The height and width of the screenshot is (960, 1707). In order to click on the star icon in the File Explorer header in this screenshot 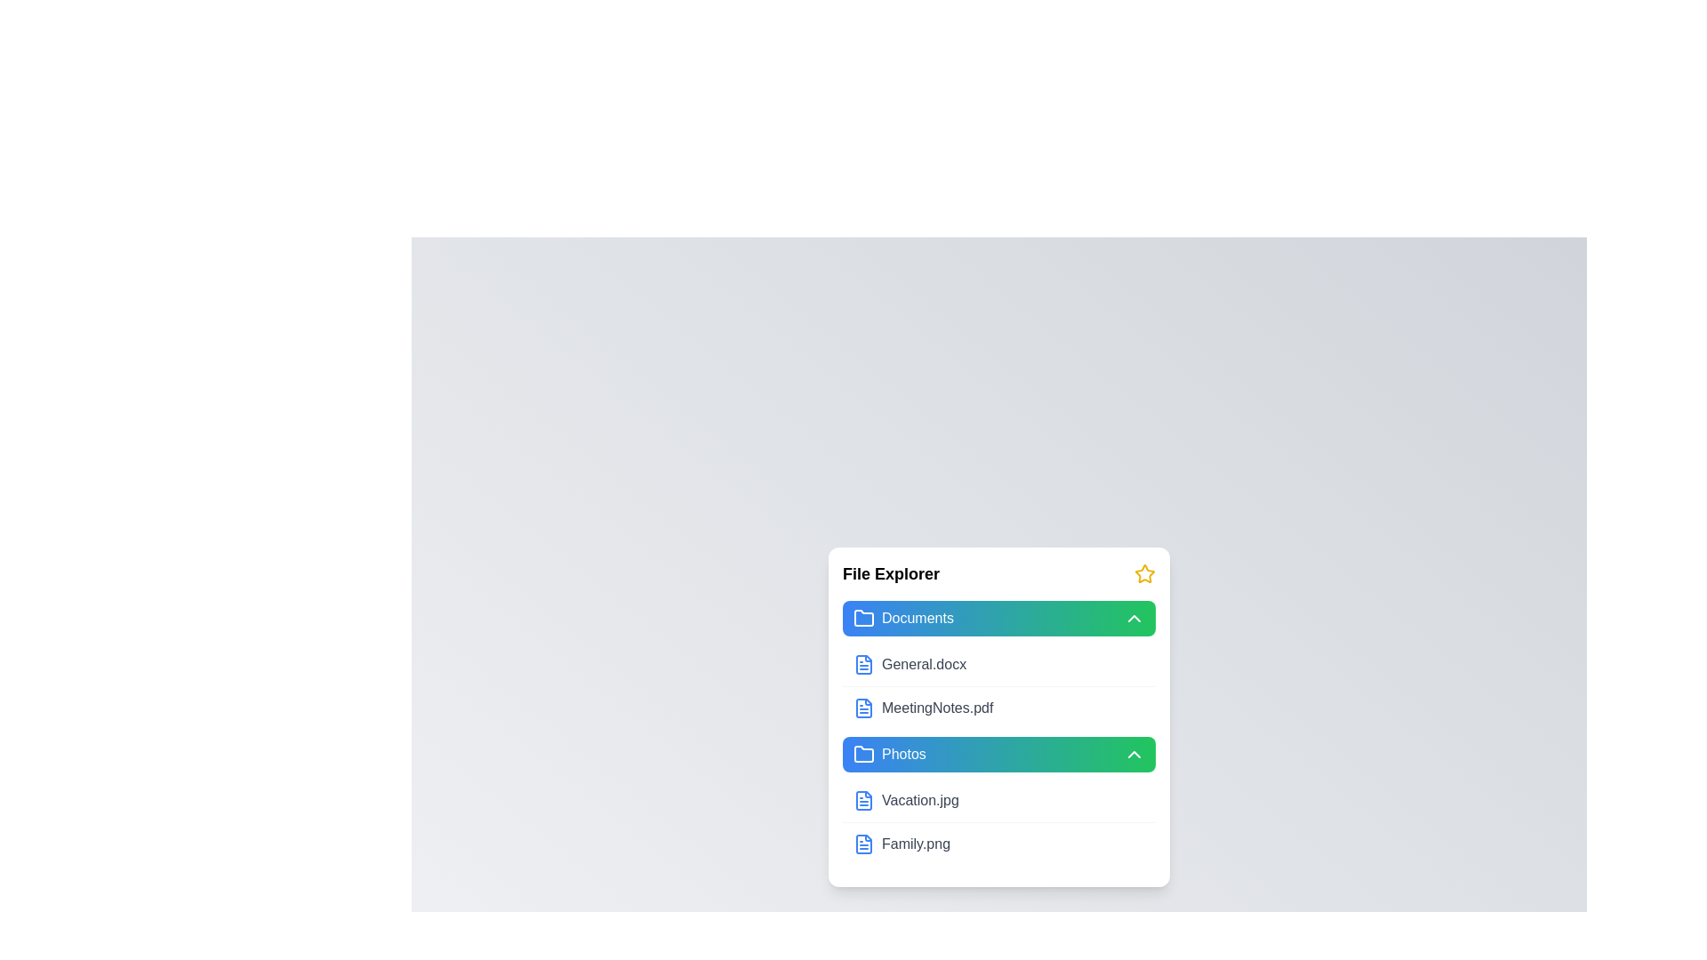, I will do `click(1144, 573)`.